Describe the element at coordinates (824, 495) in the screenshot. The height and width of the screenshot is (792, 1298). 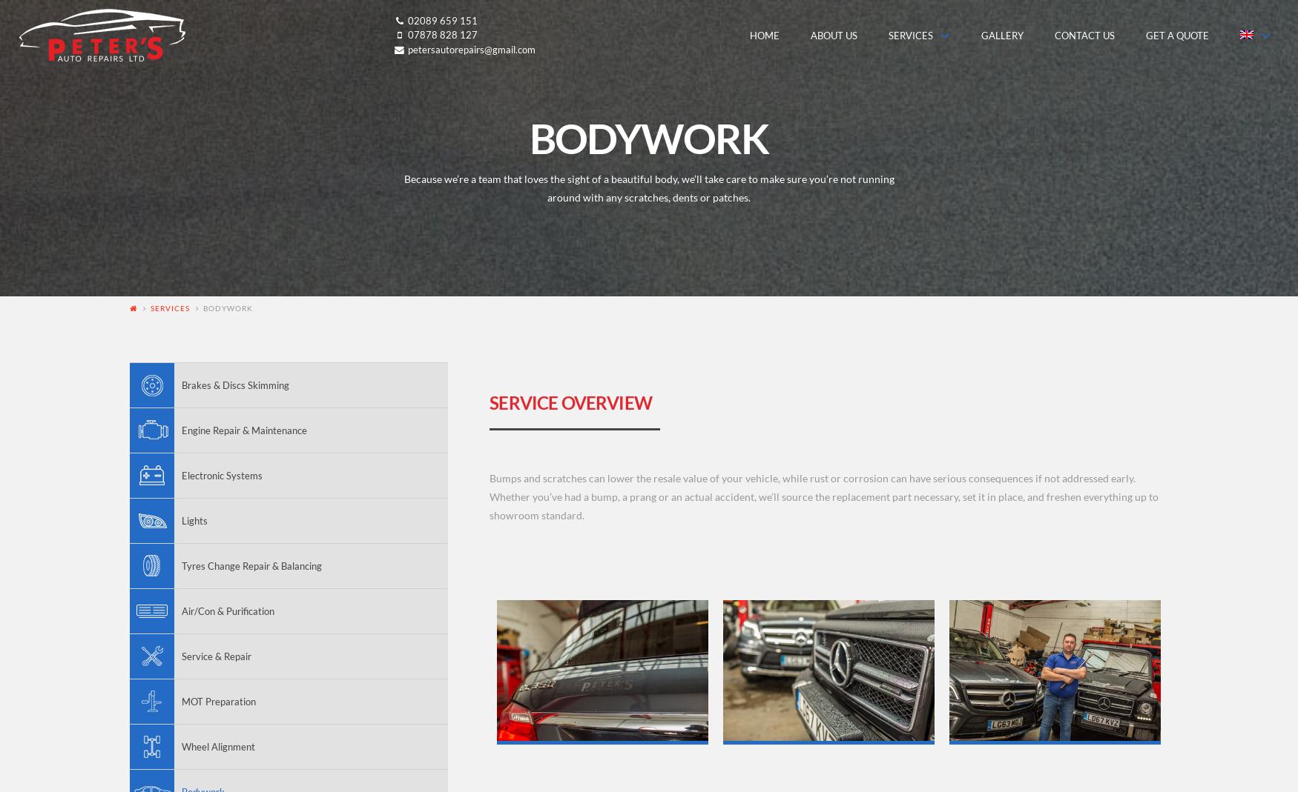
I see `'Bumps and scratches can lower the resale value of your vehicle, while rust or corrosion can have serious consequences if not addressed early. Whether you’ve had a bump, a prang or an actual accident, we’ll source the replacement part necessary, set it in place, and freshen everything up to showroom standard.'` at that location.